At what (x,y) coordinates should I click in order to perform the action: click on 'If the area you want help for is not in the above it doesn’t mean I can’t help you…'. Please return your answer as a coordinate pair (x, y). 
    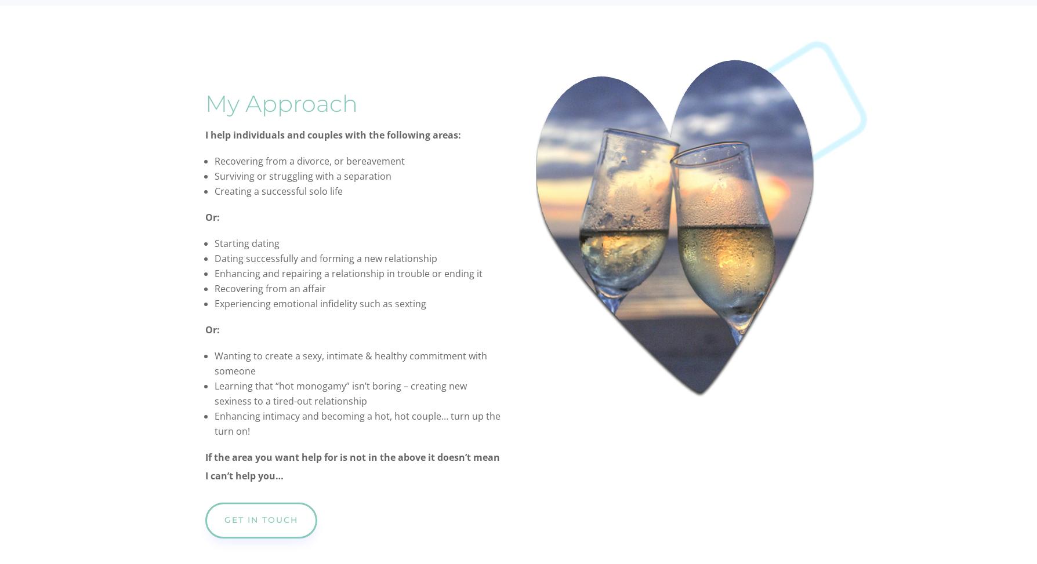
    Looking at the image, I should click on (352, 465).